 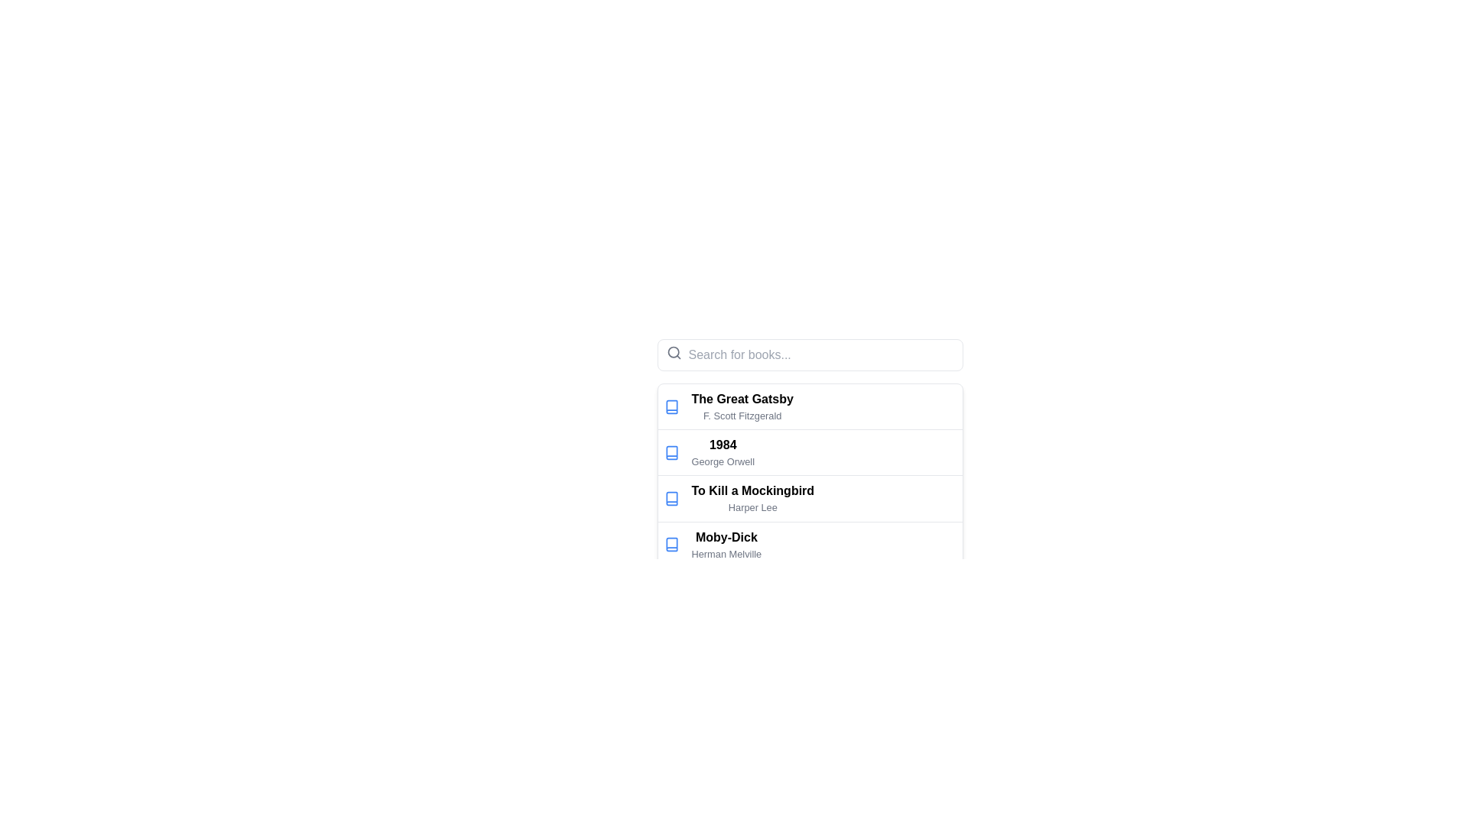 I want to click on the third list item displaying a book's title and author, so click(x=809, y=497).